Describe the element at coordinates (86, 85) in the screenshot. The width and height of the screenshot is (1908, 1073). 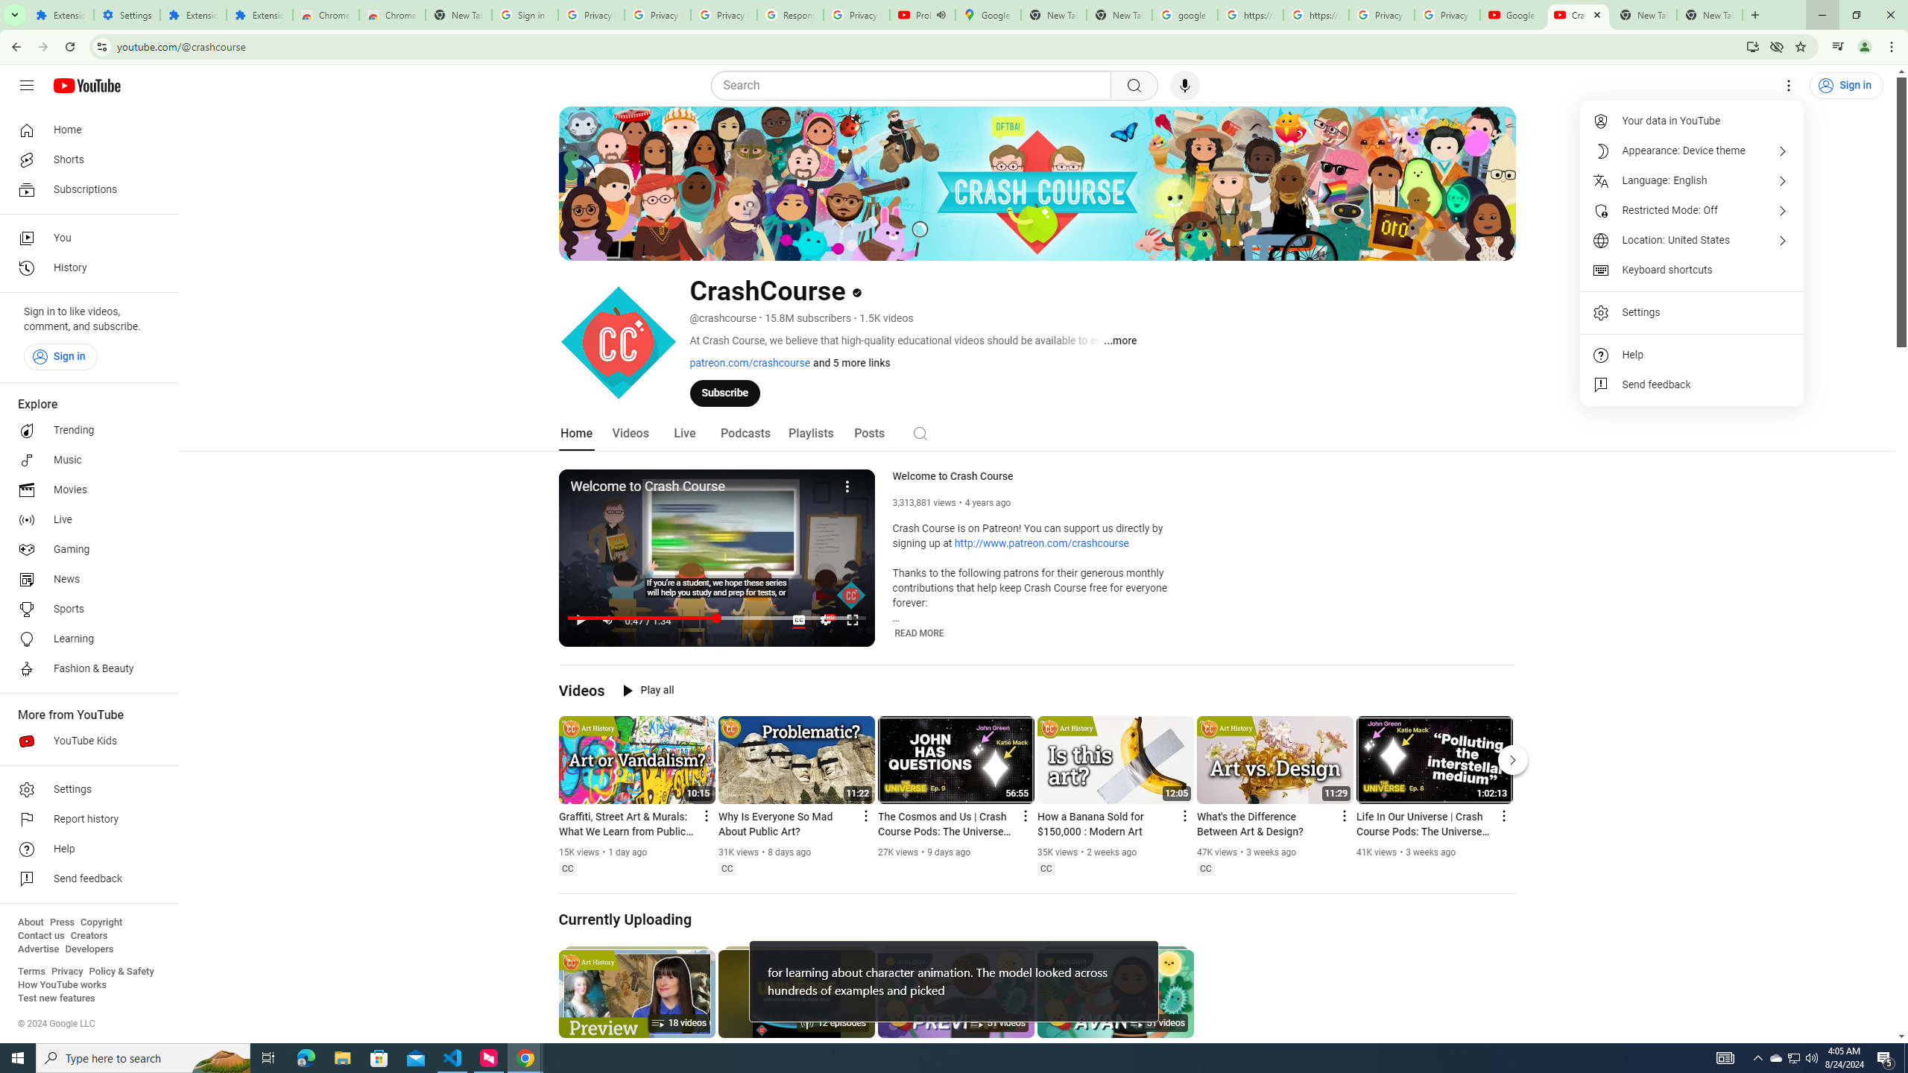
I see `'YouTube Home'` at that location.